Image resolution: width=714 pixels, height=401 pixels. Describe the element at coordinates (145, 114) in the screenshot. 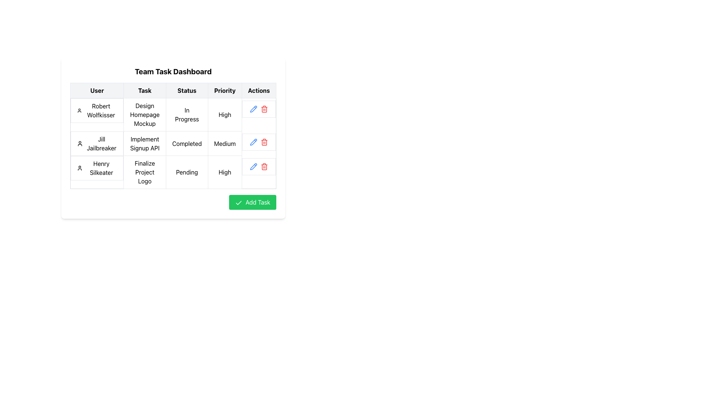

I see `the Text Display element that contains the text 'Design Homepage Mockup', located in the second column under the 'Task' field of the first row in the table, positioned between 'Robert Wolfkisser' and 'In Progress'` at that location.